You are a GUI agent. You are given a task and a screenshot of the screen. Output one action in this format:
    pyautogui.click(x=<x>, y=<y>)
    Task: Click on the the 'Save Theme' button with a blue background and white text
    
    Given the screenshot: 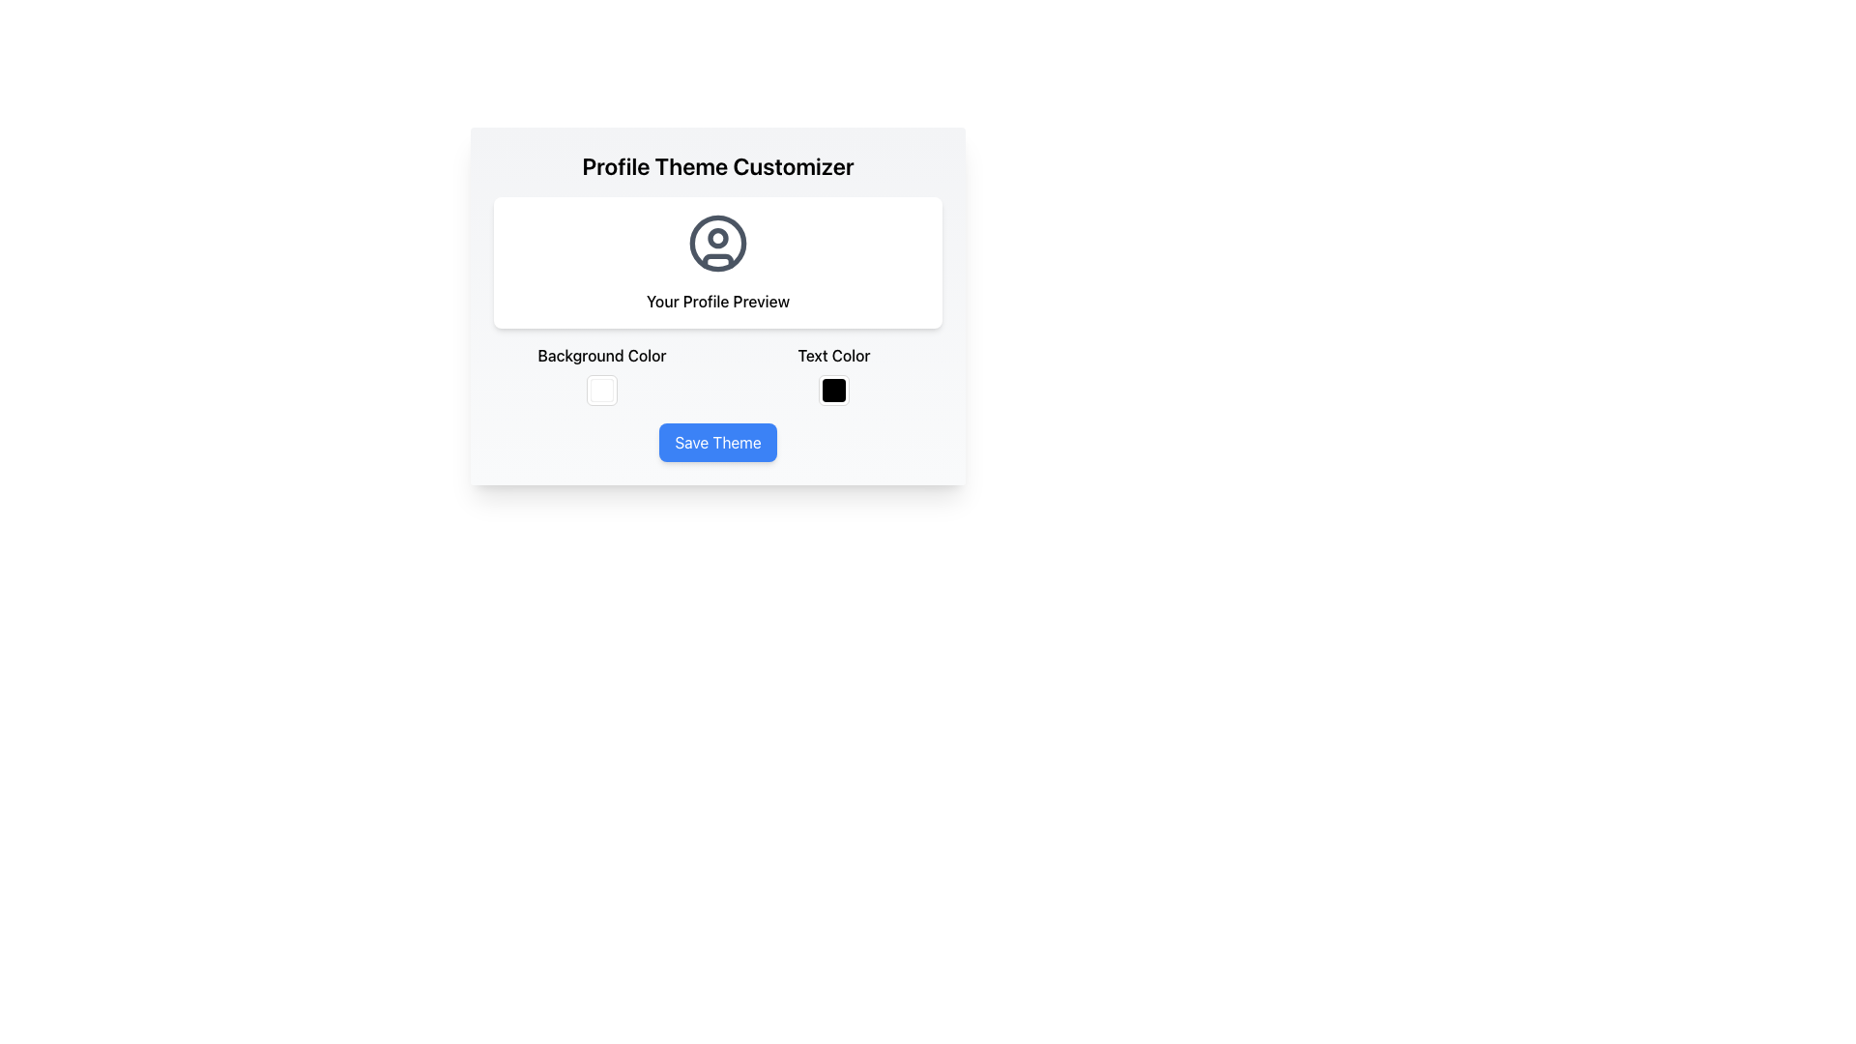 What is the action you would take?
    pyautogui.click(x=717, y=443)
    